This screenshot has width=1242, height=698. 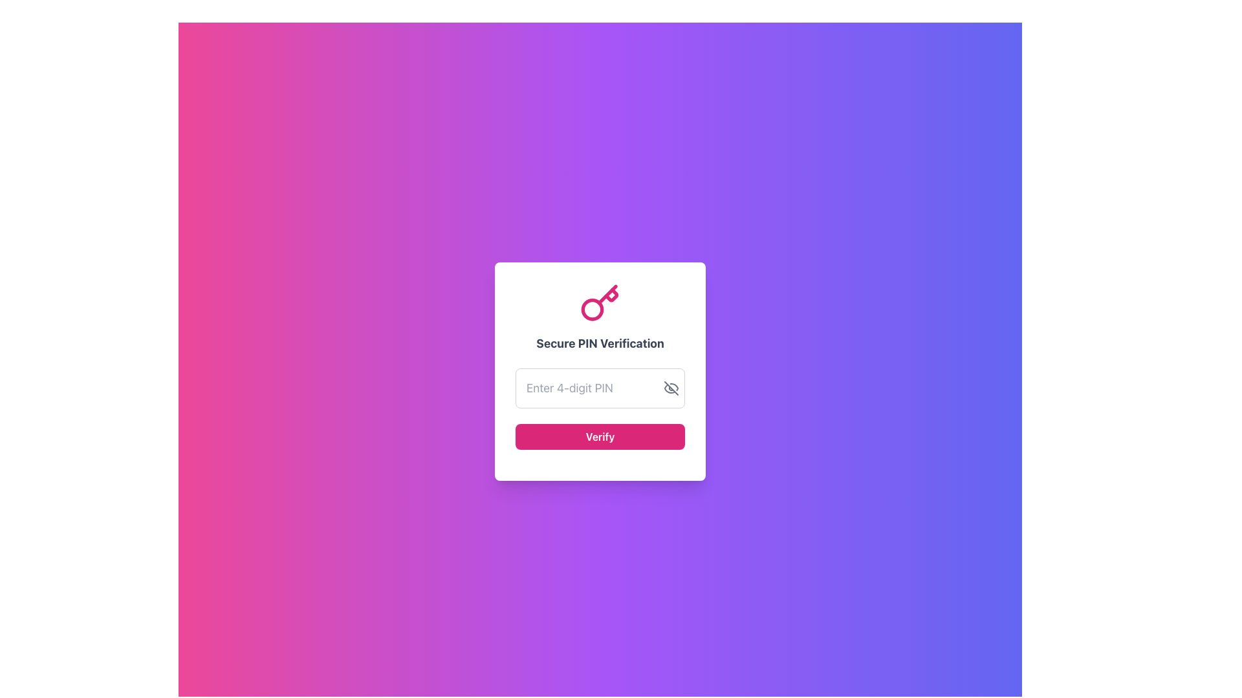 I want to click on the eye-shaped icon with a diagonal line crossing through it, located to the right of the 'Enter 4-digit PIN' input field, so click(x=671, y=388).